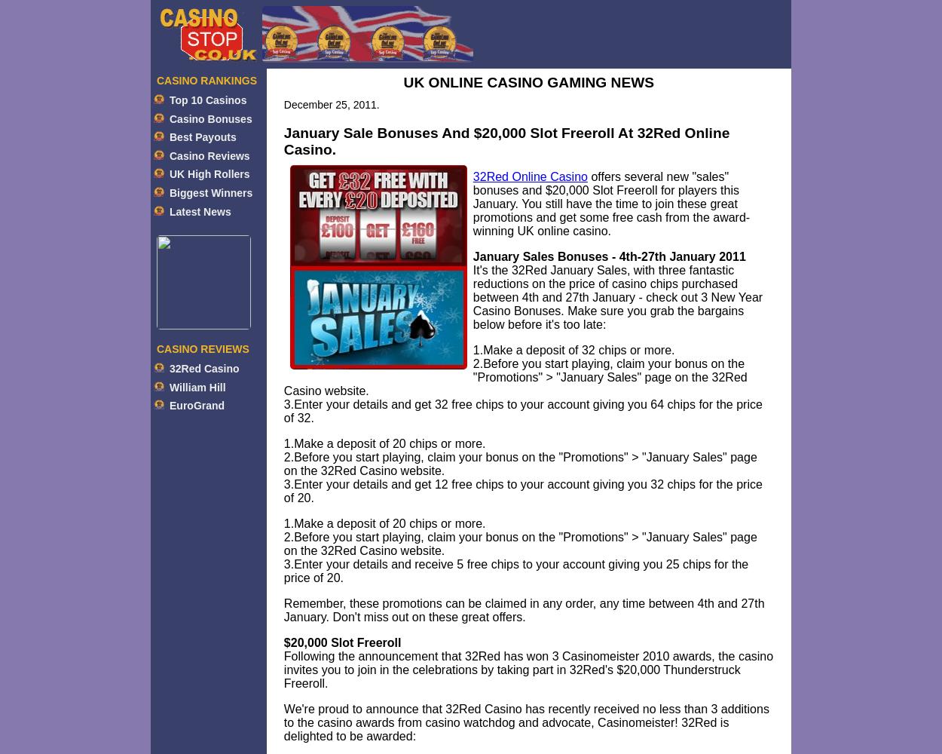 The image size is (942, 754). What do you see at coordinates (521, 491) in the screenshot?
I see `'3.Enter your details and get 12 free chips to your account giving you 32 chips for the price of 20.'` at bounding box center [521, 491].